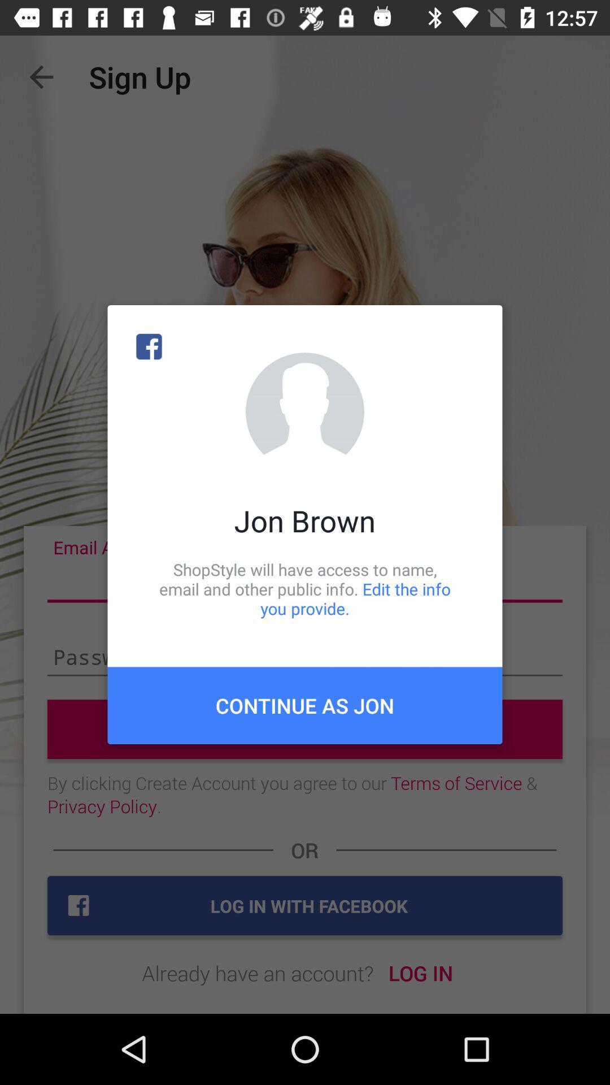  What do you see at coordinates (305, 588) in the screenshot?
I see `item below jon brown item` at bounding box center [305, 588].